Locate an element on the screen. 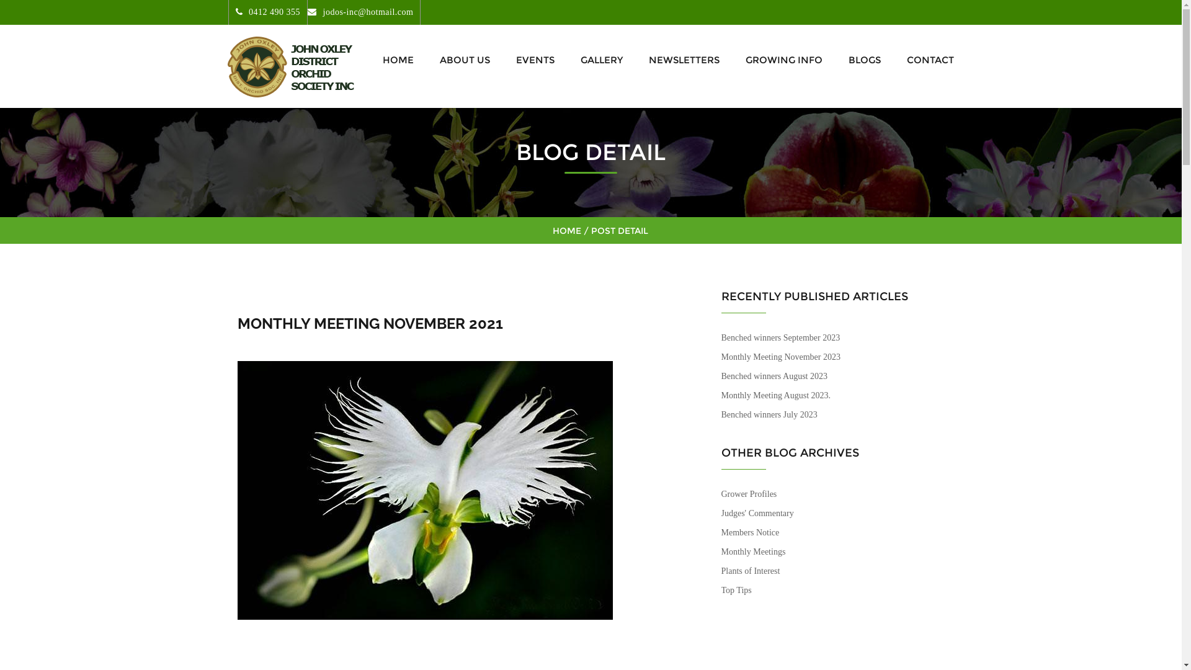  'NEWSLETTERS' is located at coordinates (641, 60).